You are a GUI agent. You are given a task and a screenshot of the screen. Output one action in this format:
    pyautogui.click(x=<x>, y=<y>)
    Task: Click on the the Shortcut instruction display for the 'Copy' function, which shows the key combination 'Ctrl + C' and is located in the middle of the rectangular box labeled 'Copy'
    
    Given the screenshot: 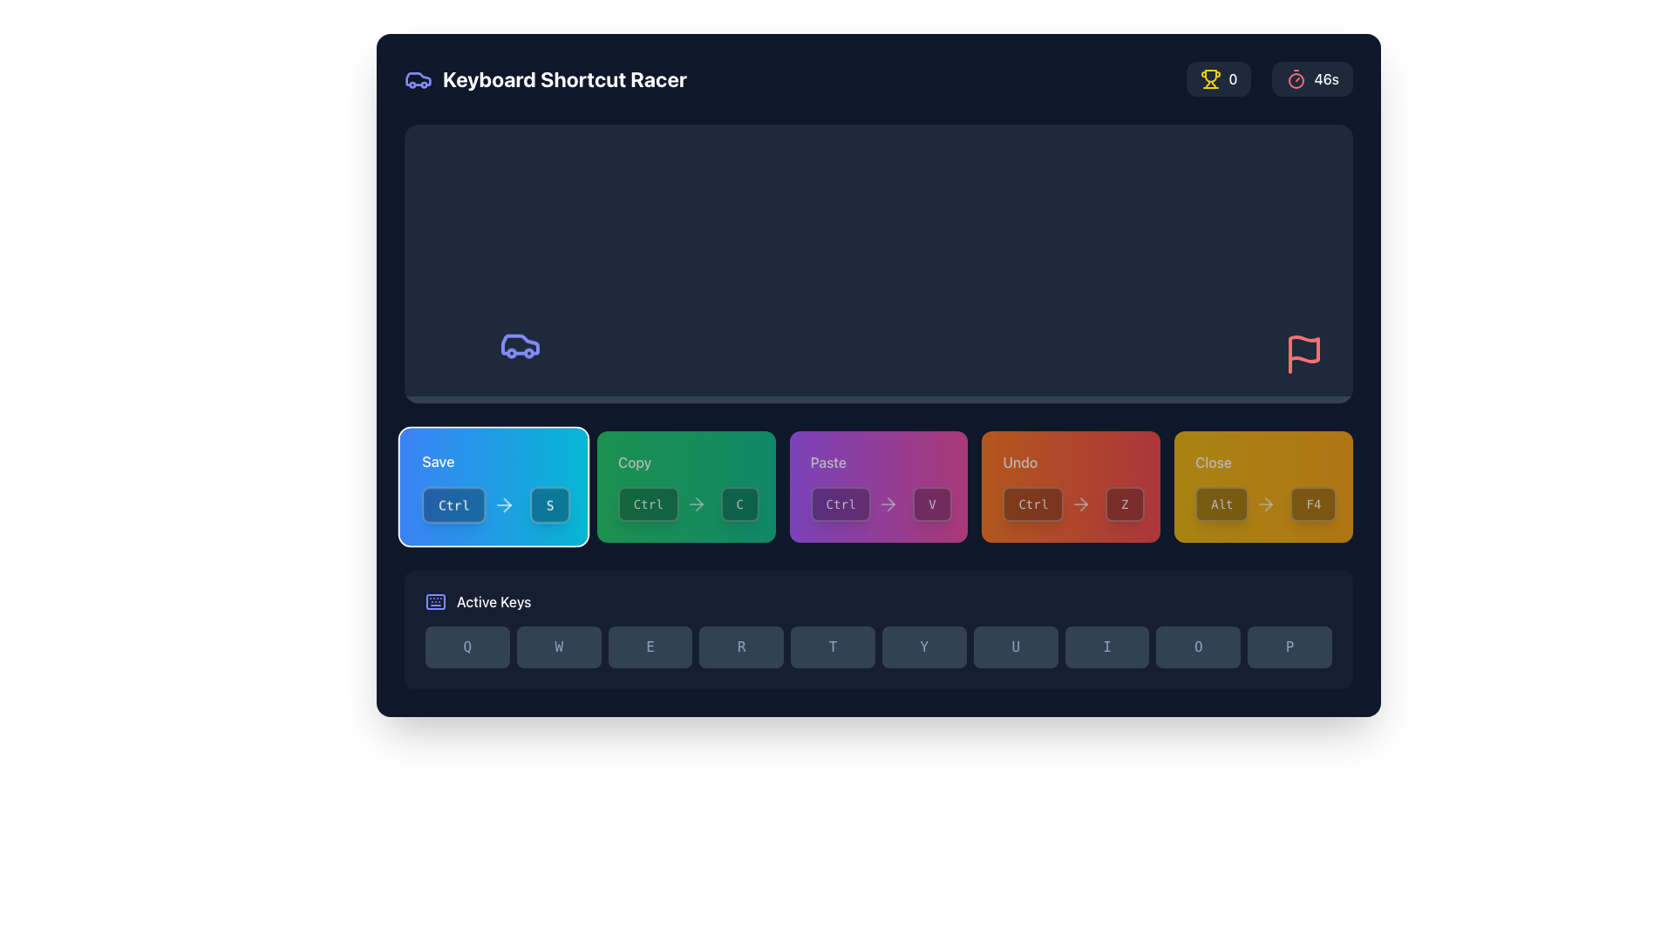 What is the action you would take?
    pyautogui.click(x=685, y=504)
    